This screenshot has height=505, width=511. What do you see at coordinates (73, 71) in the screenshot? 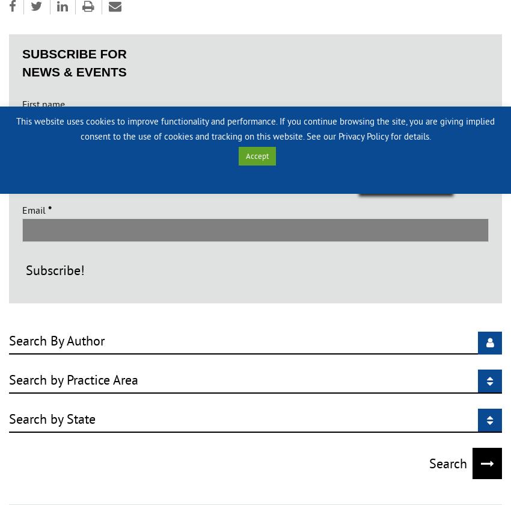
I see `'News & Events'` at bounding box center [73, 71].